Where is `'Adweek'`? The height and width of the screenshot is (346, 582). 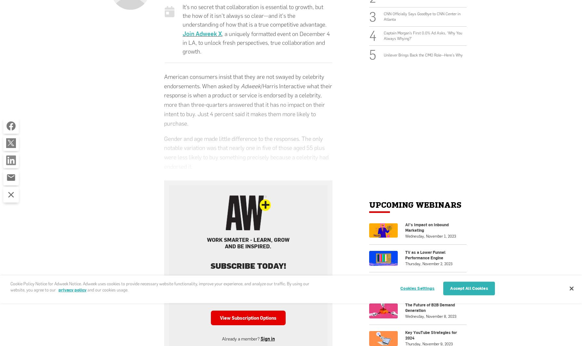
'Adweek' is located at coordinates (240, 86).